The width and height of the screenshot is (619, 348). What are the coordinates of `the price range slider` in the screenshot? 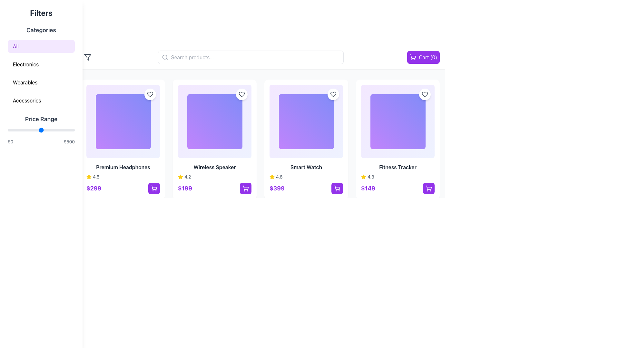 It's located at (24, 130).